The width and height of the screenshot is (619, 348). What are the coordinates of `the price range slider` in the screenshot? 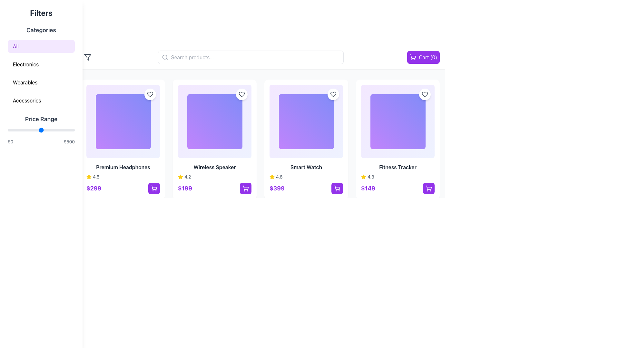 It's located at (24, 130).